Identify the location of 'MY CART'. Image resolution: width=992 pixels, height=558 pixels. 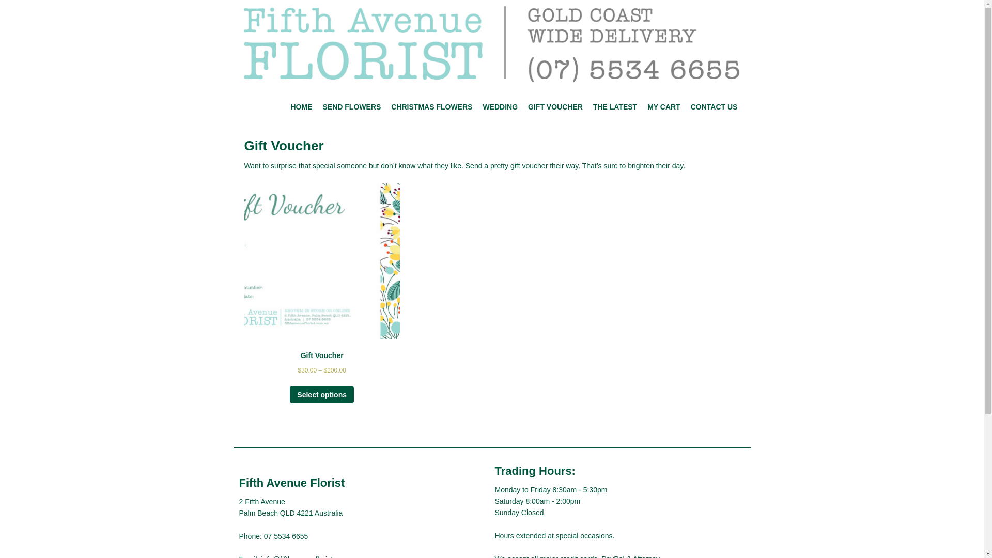
(664, 107).